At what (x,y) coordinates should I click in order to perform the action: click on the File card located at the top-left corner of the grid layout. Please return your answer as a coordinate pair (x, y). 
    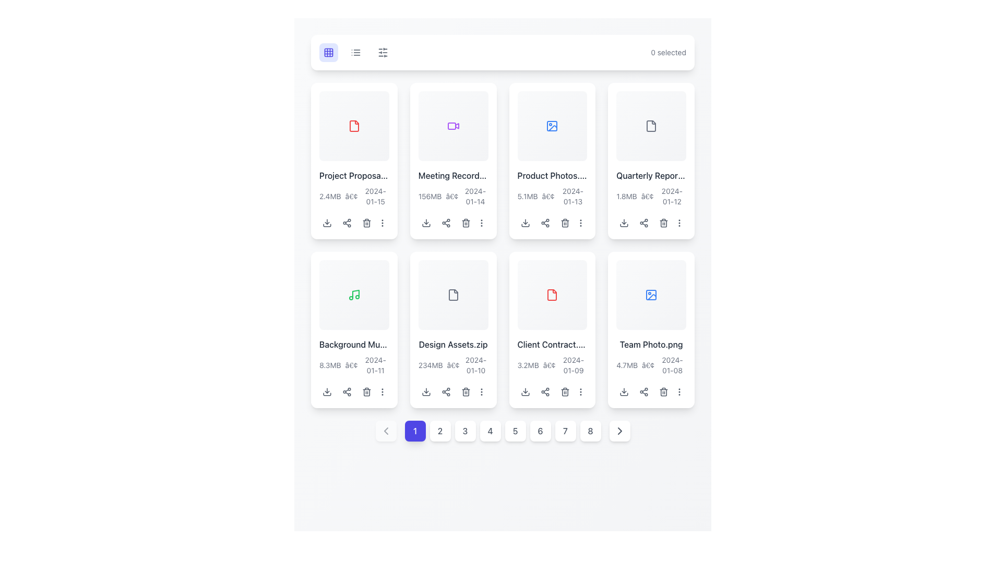
    Looking at the image, I should click on (354, 161).